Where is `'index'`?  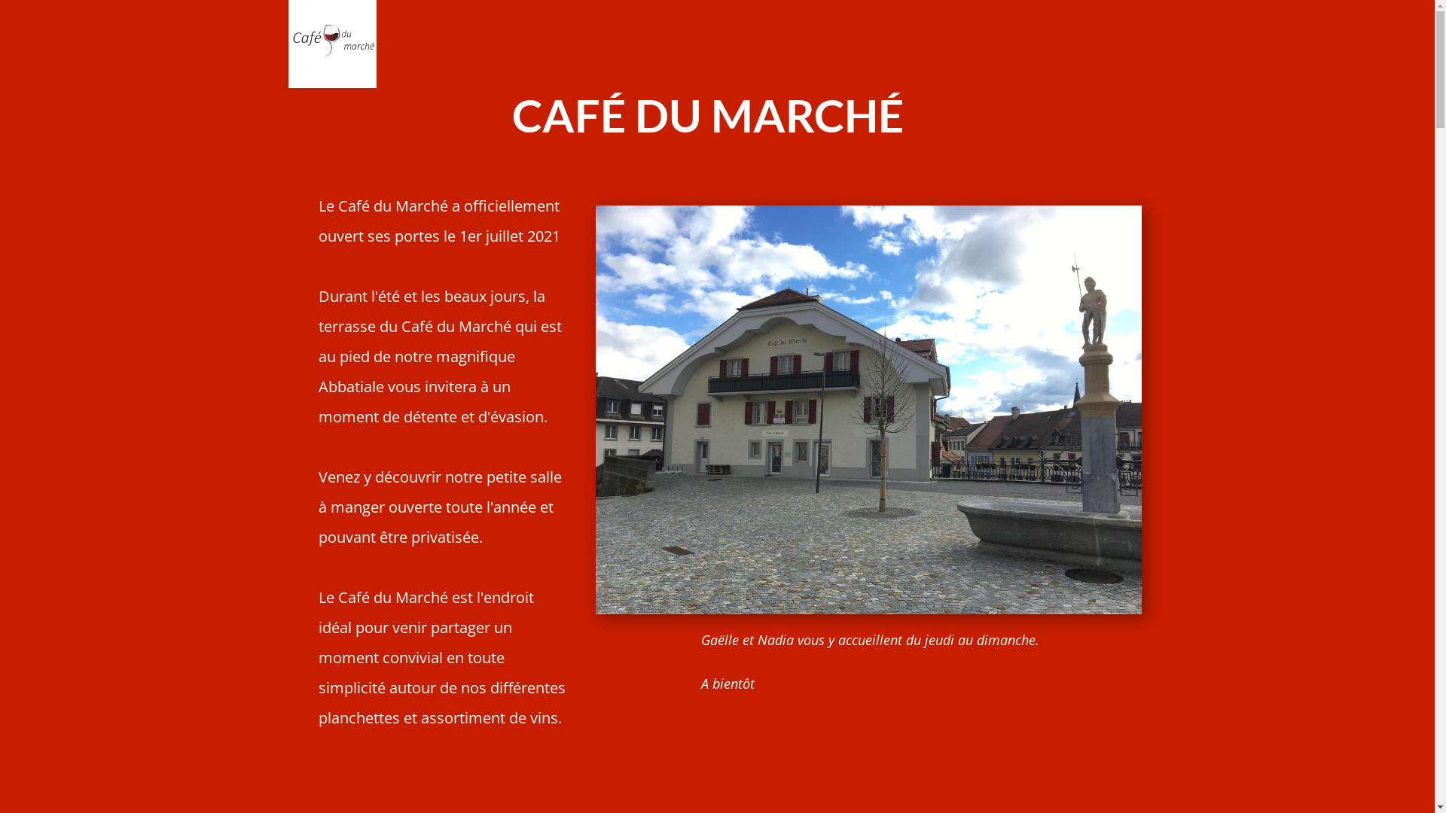
'index' is located at coordinates (331, 43).